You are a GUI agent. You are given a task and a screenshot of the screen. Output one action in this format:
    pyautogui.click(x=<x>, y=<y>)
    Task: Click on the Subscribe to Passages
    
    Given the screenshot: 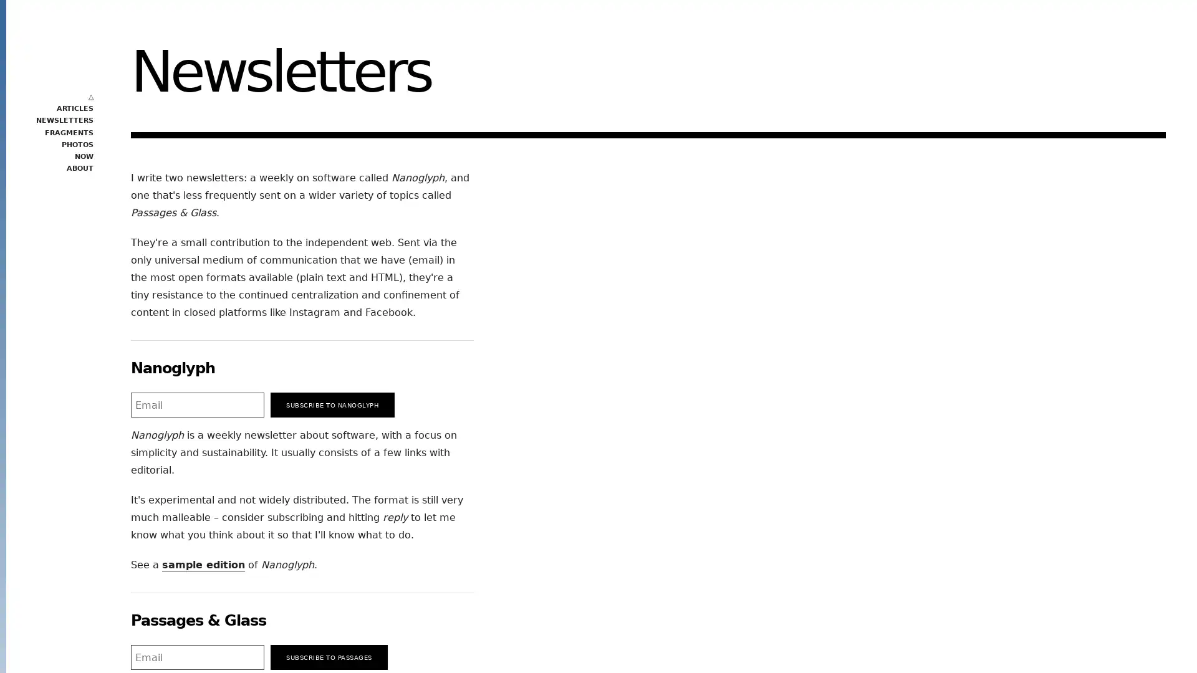 What is the action you would take?
    pyautogui.click(x=329, y=657)
    